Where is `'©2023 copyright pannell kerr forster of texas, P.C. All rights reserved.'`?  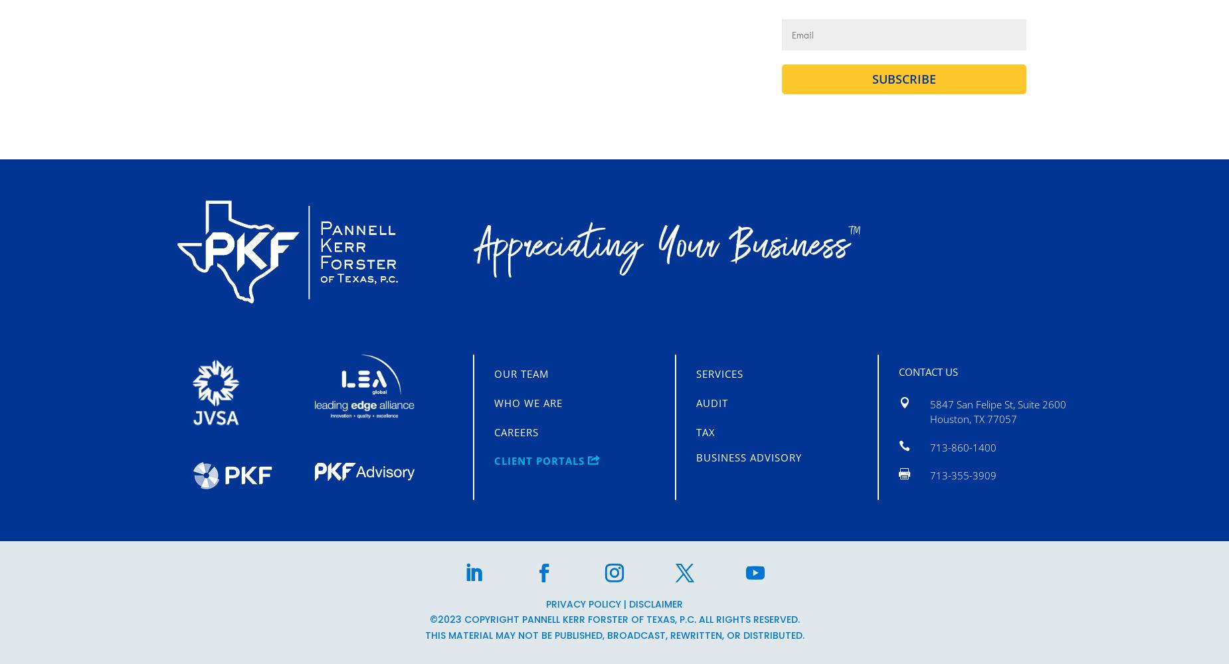
'©2023 copyright pannell kerr forster of texas, P.C. All rights reserved.' is located at coordinates (429, 620).